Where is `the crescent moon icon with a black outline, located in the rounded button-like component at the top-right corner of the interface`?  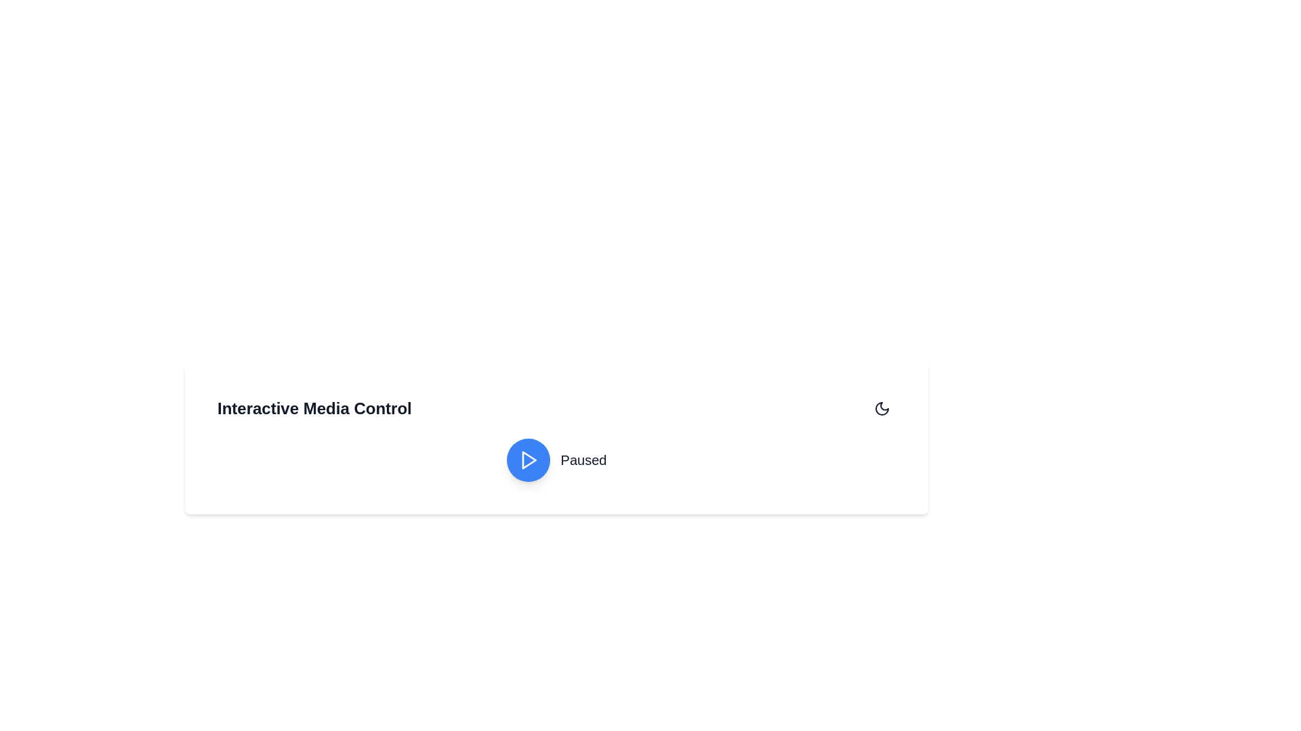
the crescent moon icon with a black outline, located in the rounded button-like component at the top-right corner of the interface is located at coordinates (882, 408).